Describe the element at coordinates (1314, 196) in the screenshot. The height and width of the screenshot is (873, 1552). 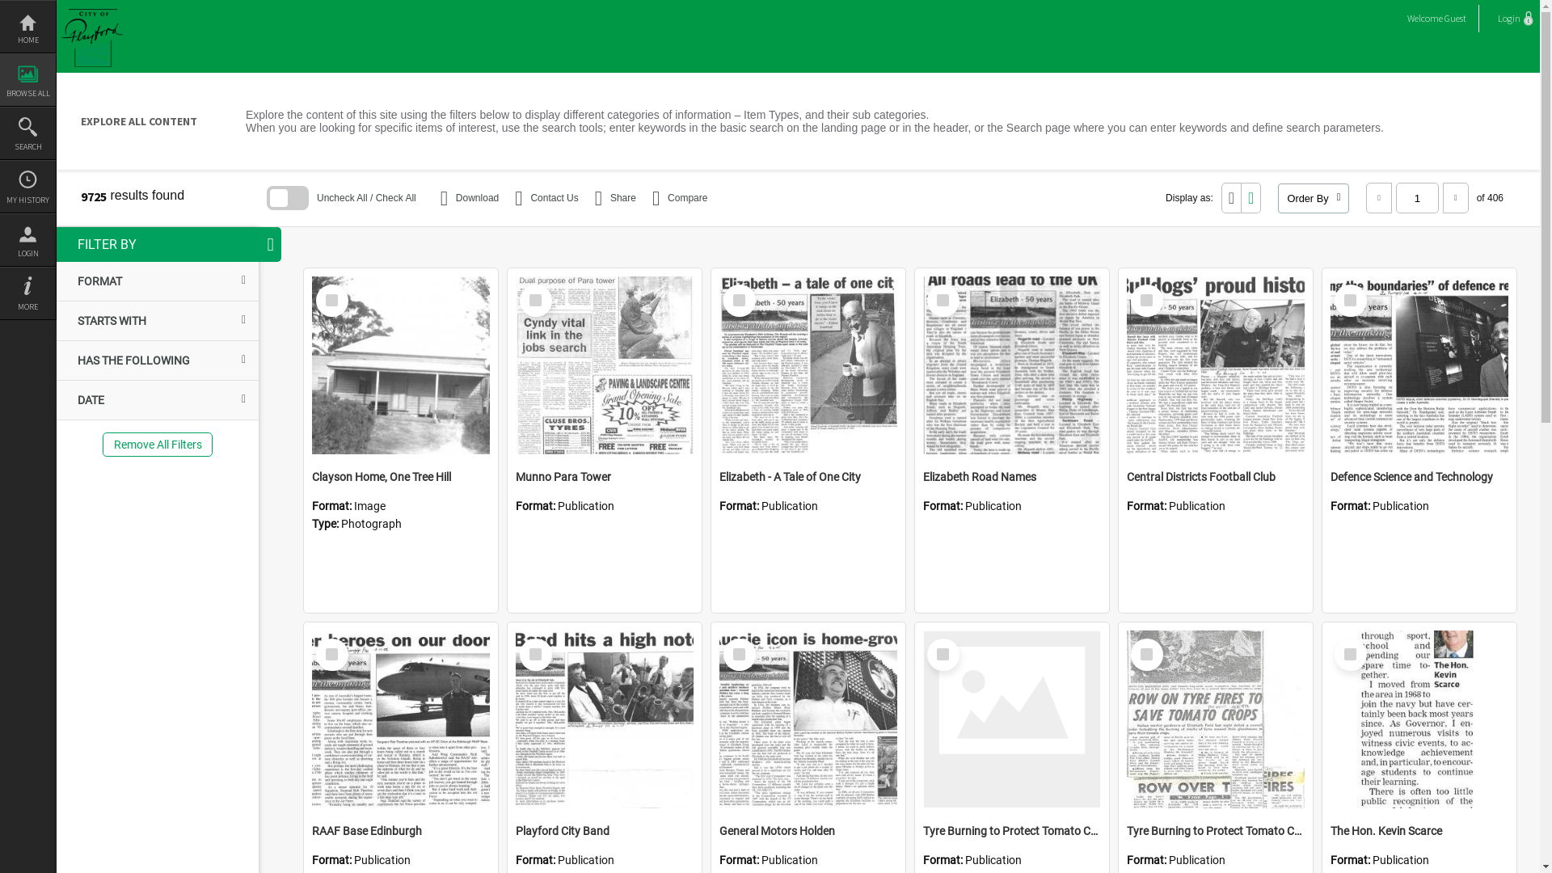
I see `'Order By'` at that location.